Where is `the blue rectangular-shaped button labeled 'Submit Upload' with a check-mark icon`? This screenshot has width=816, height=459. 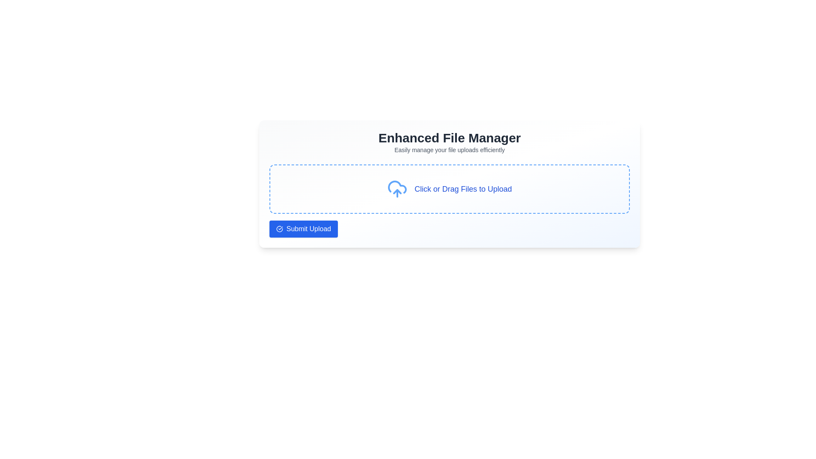 the blue rectangular-shaped button labeled 'Submit Upload' with a check-mark icon is located at coordinates (303, 229).